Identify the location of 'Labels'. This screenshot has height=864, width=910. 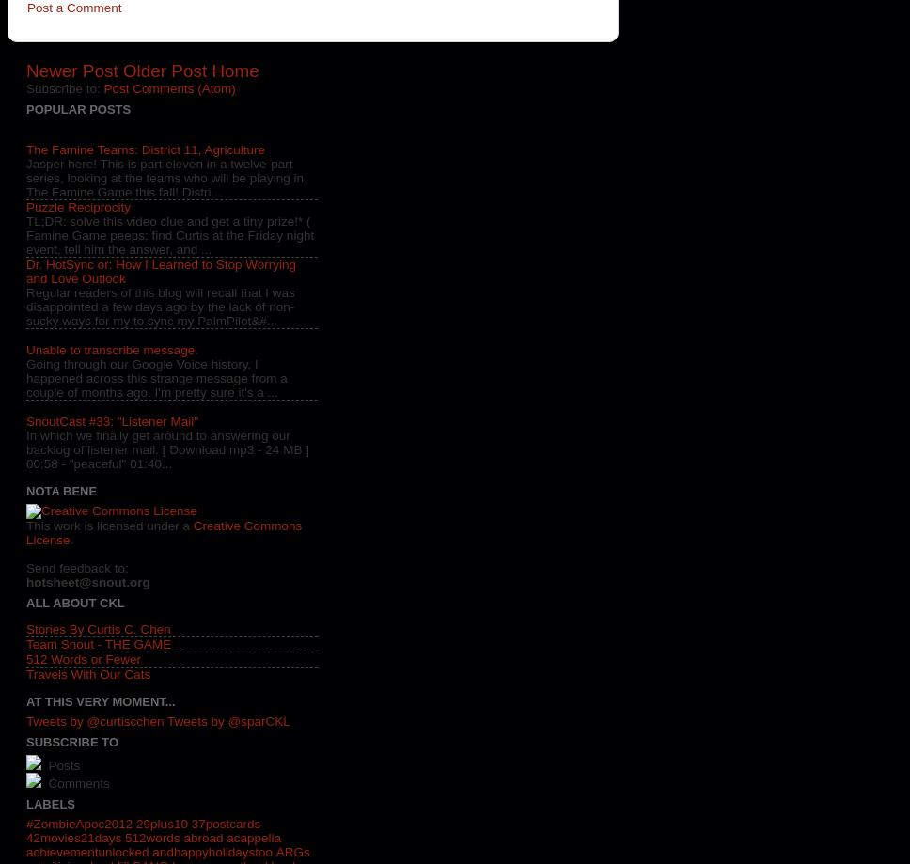
(50, 802).